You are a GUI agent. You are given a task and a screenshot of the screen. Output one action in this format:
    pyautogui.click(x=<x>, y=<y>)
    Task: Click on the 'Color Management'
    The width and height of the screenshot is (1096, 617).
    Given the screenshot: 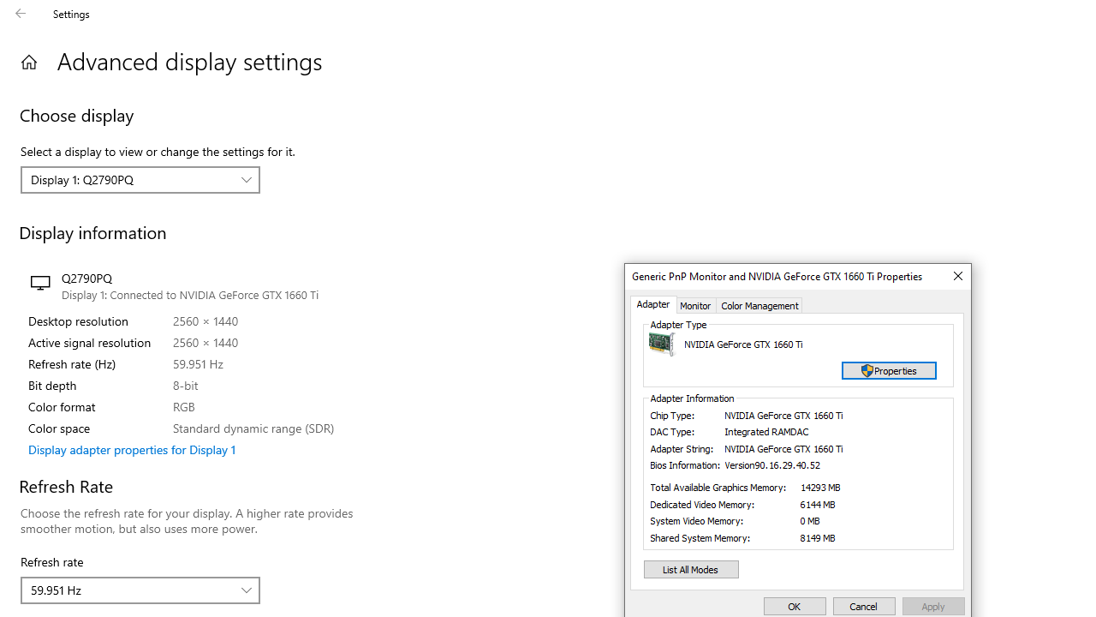 What is the action you would take?
    pyautogui.click(x=759, y=304)
    